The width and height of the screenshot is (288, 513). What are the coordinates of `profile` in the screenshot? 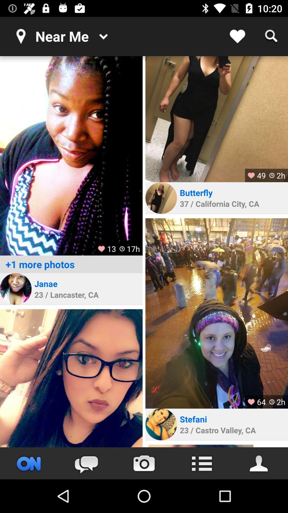 It's located at (71, 378).